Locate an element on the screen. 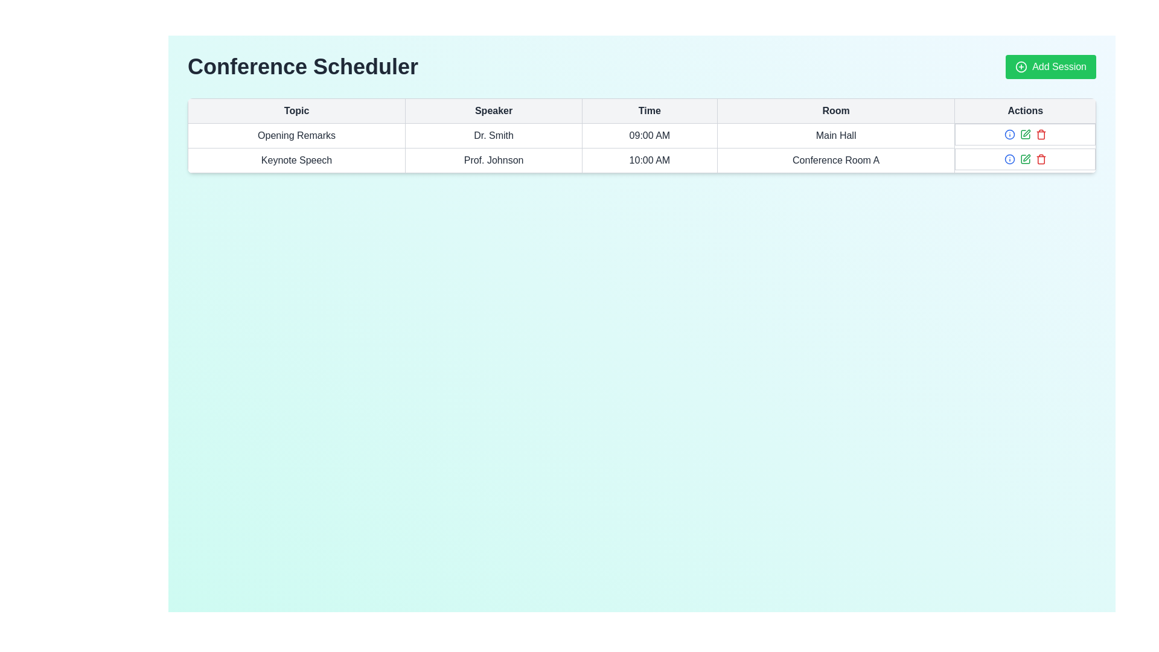 This screenshot has width=1159, height=652. the icon located in the 'Actions' column of the first row of the table, which serves as a graphical representation providing additional details or information is located at coordinates (1009, 158).